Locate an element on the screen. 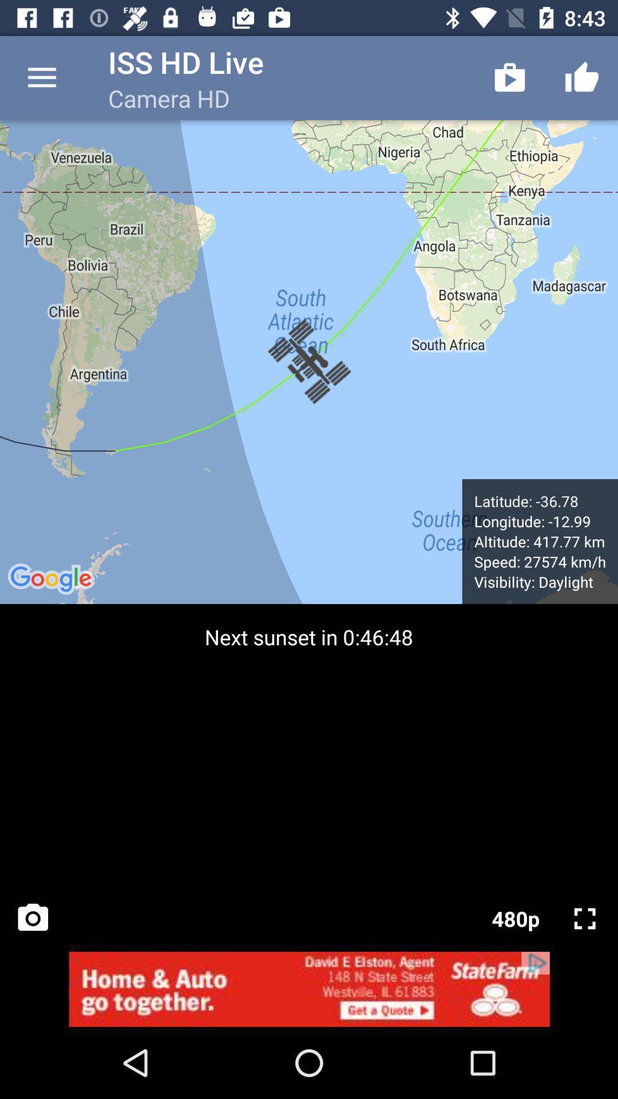 The image size is (618, 1099). camera button is located at coordinates (32, 918).